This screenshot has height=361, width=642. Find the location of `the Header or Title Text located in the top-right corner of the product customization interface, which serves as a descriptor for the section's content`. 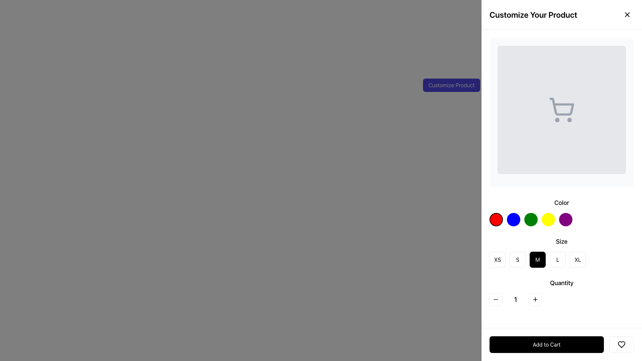

the Header or Title Text located in the top-right corner of the product customization interface, which serves as a descriptor for the section's content is located at coordinates (533, 14).